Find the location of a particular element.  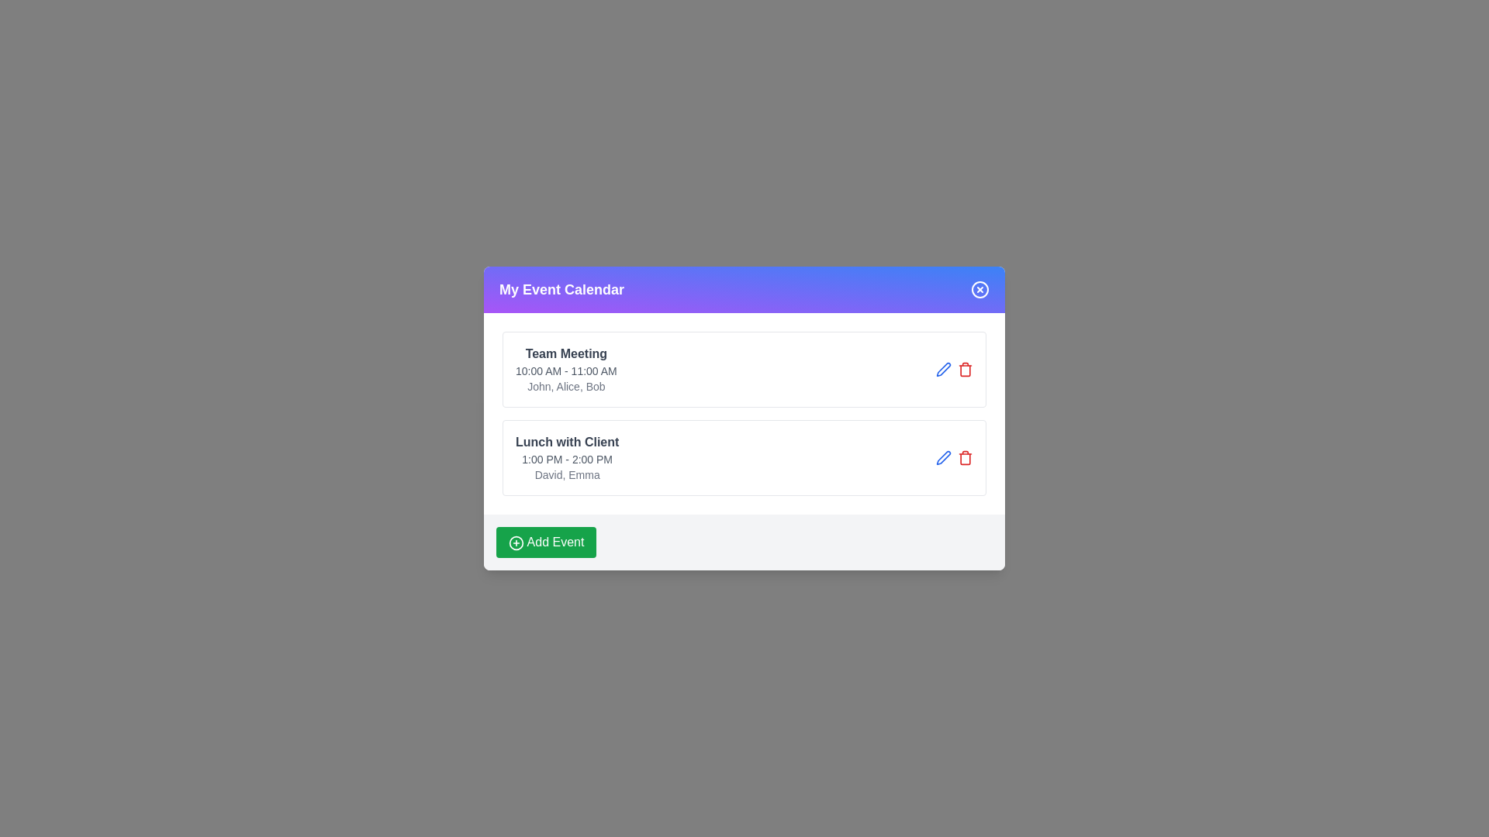

the red trash bin icon in the interactive button group is located at coordinates (953, 456).